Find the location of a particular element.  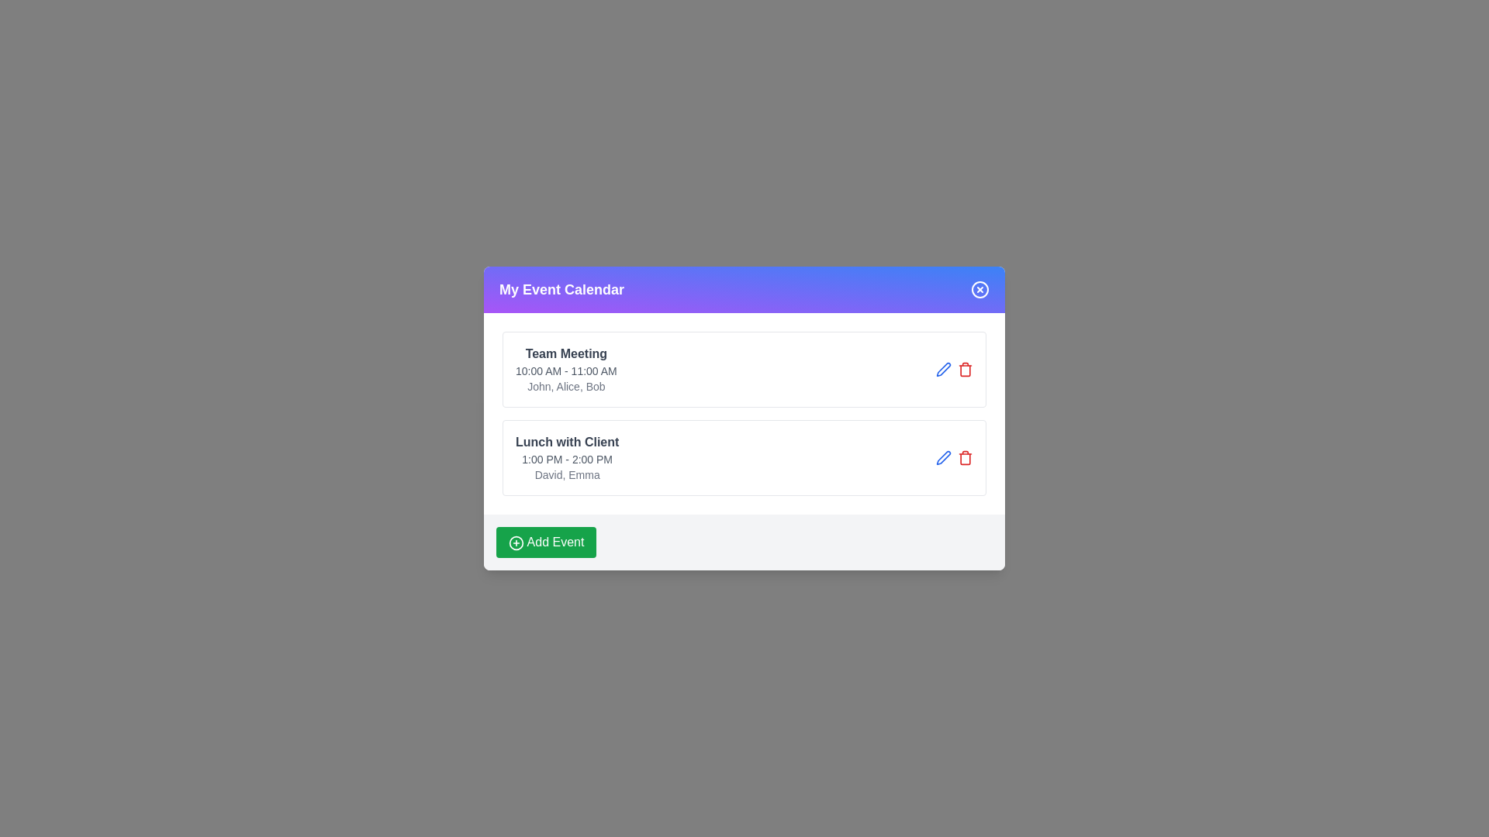

the red trash bin icon in the interactive button group is located at coordinates (953, 456).